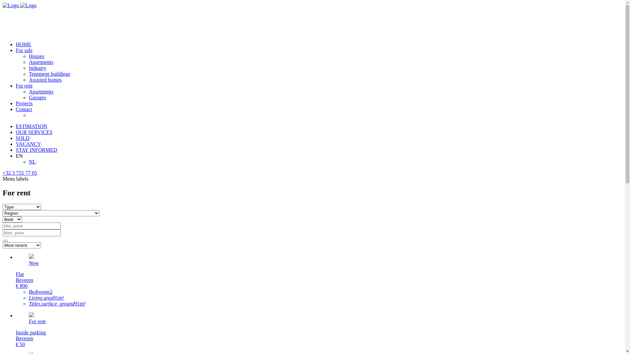  What do you see at coordinates (37, 97) in the screenshot?
I see `'Garages'` at bounding box center [37, 97].